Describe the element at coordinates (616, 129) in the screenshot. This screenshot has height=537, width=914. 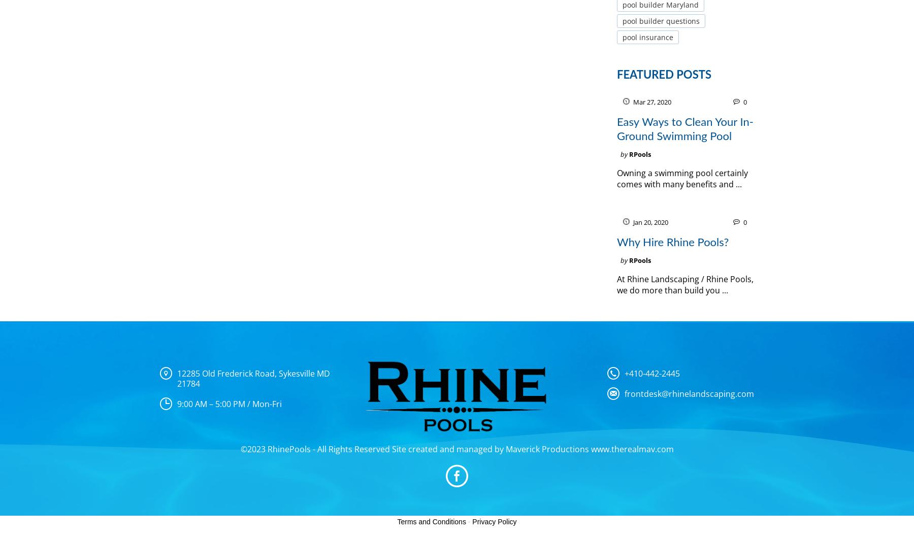
I see `'Easy Ways to Clean Your In-Ground Swimming Pool'` at that location.